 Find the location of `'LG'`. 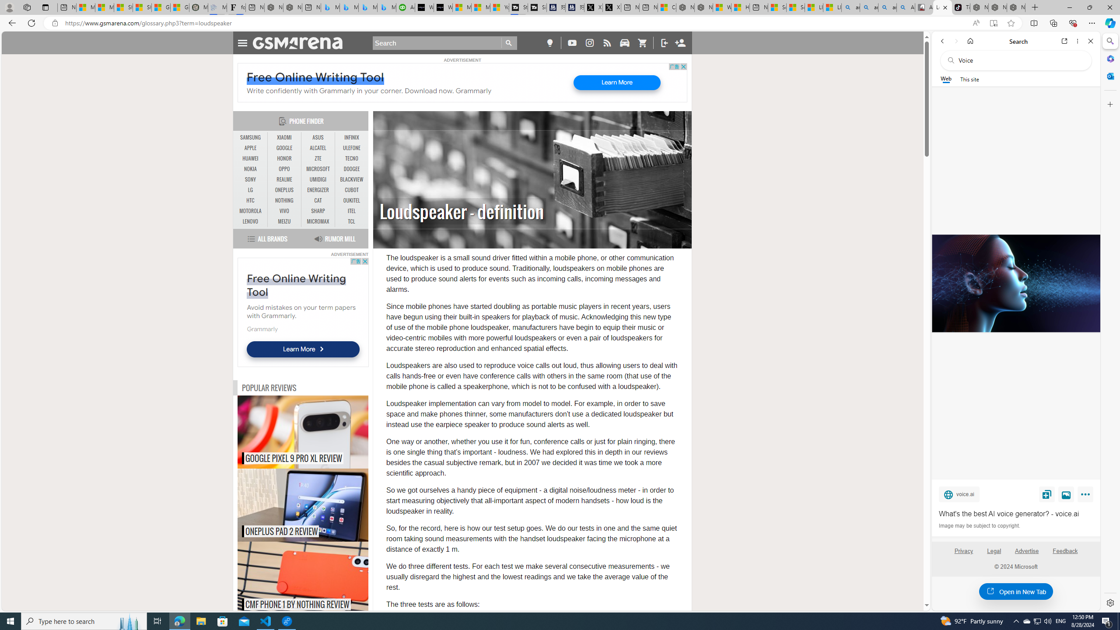

'LG' is located at coordinates (250, 189).